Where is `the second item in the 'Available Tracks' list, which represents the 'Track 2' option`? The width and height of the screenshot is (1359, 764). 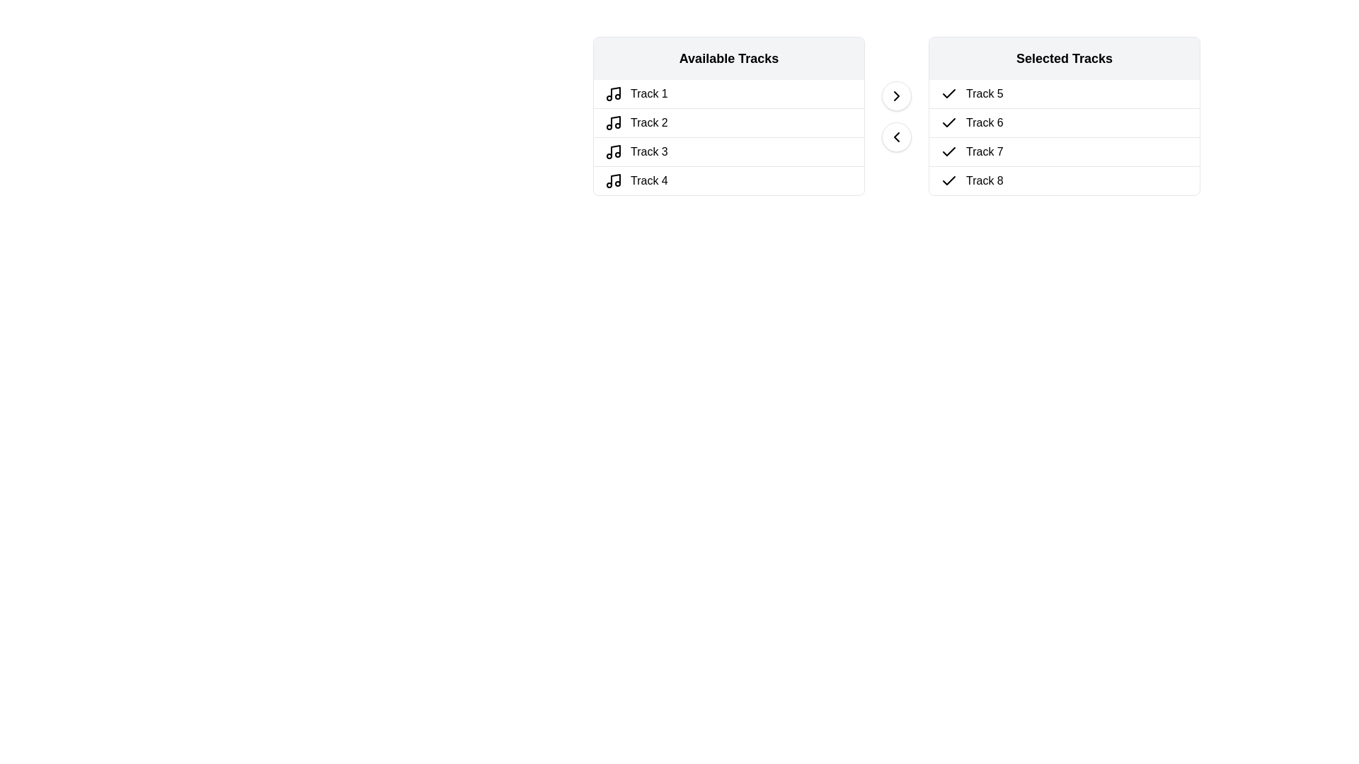 the second item in the 'Available Tracks' list, which represents the 'Track 2' option is located at coordinates (729, 122).